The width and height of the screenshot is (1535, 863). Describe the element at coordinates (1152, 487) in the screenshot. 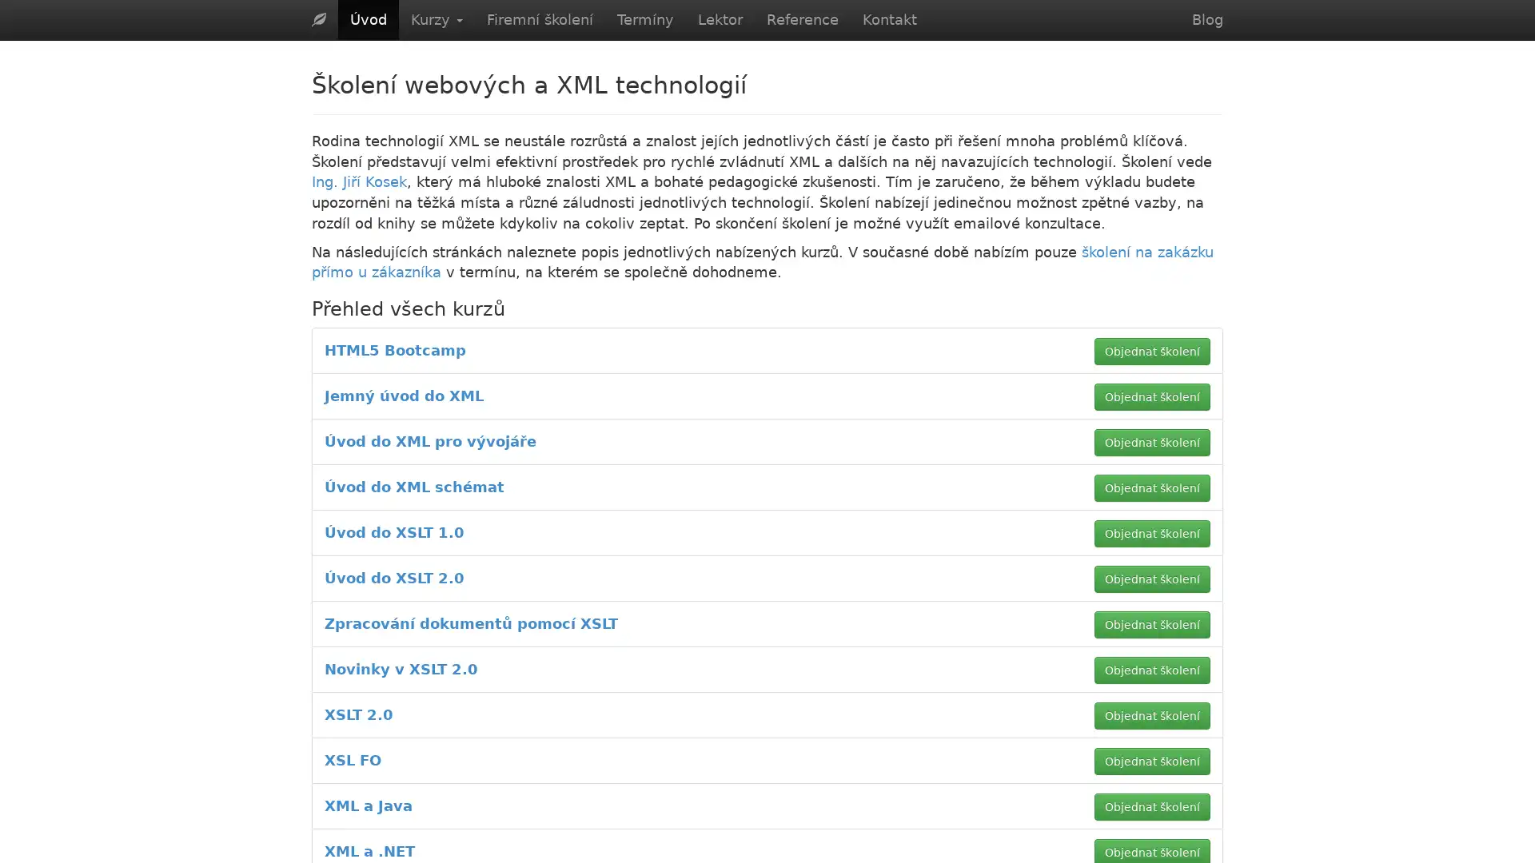

I see `Objednat skoleni` at that location.